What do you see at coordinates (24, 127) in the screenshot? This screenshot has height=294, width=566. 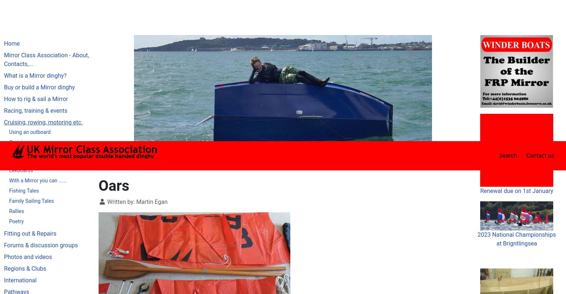 I see `'Regions & Clubs'` at bounding box center [24, 127].